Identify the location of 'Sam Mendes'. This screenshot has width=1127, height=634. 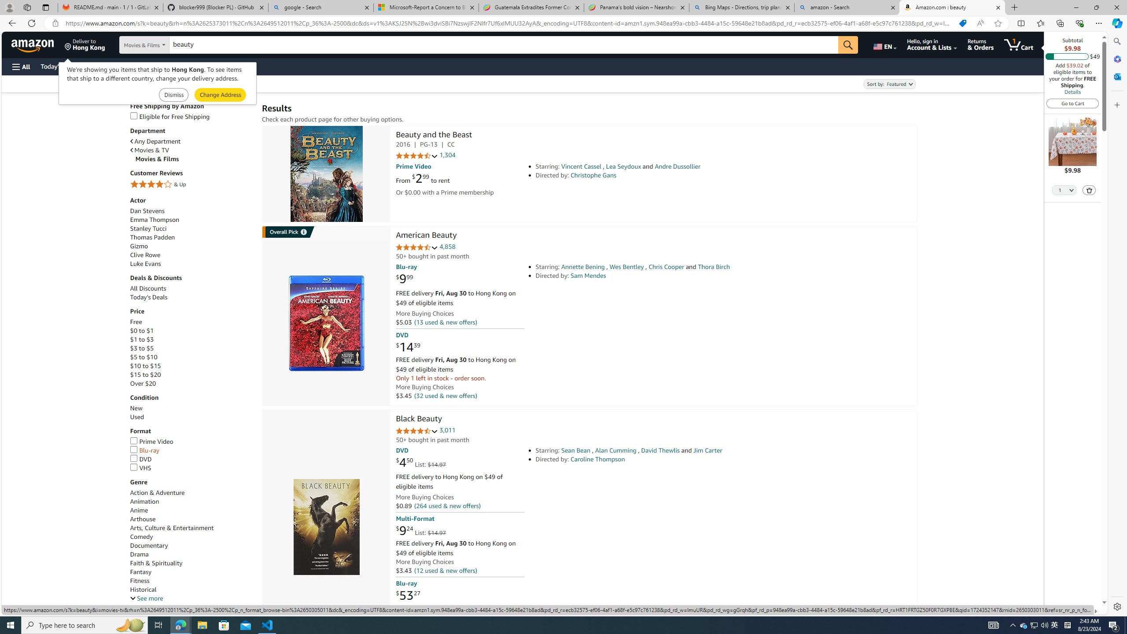
(588, 275).